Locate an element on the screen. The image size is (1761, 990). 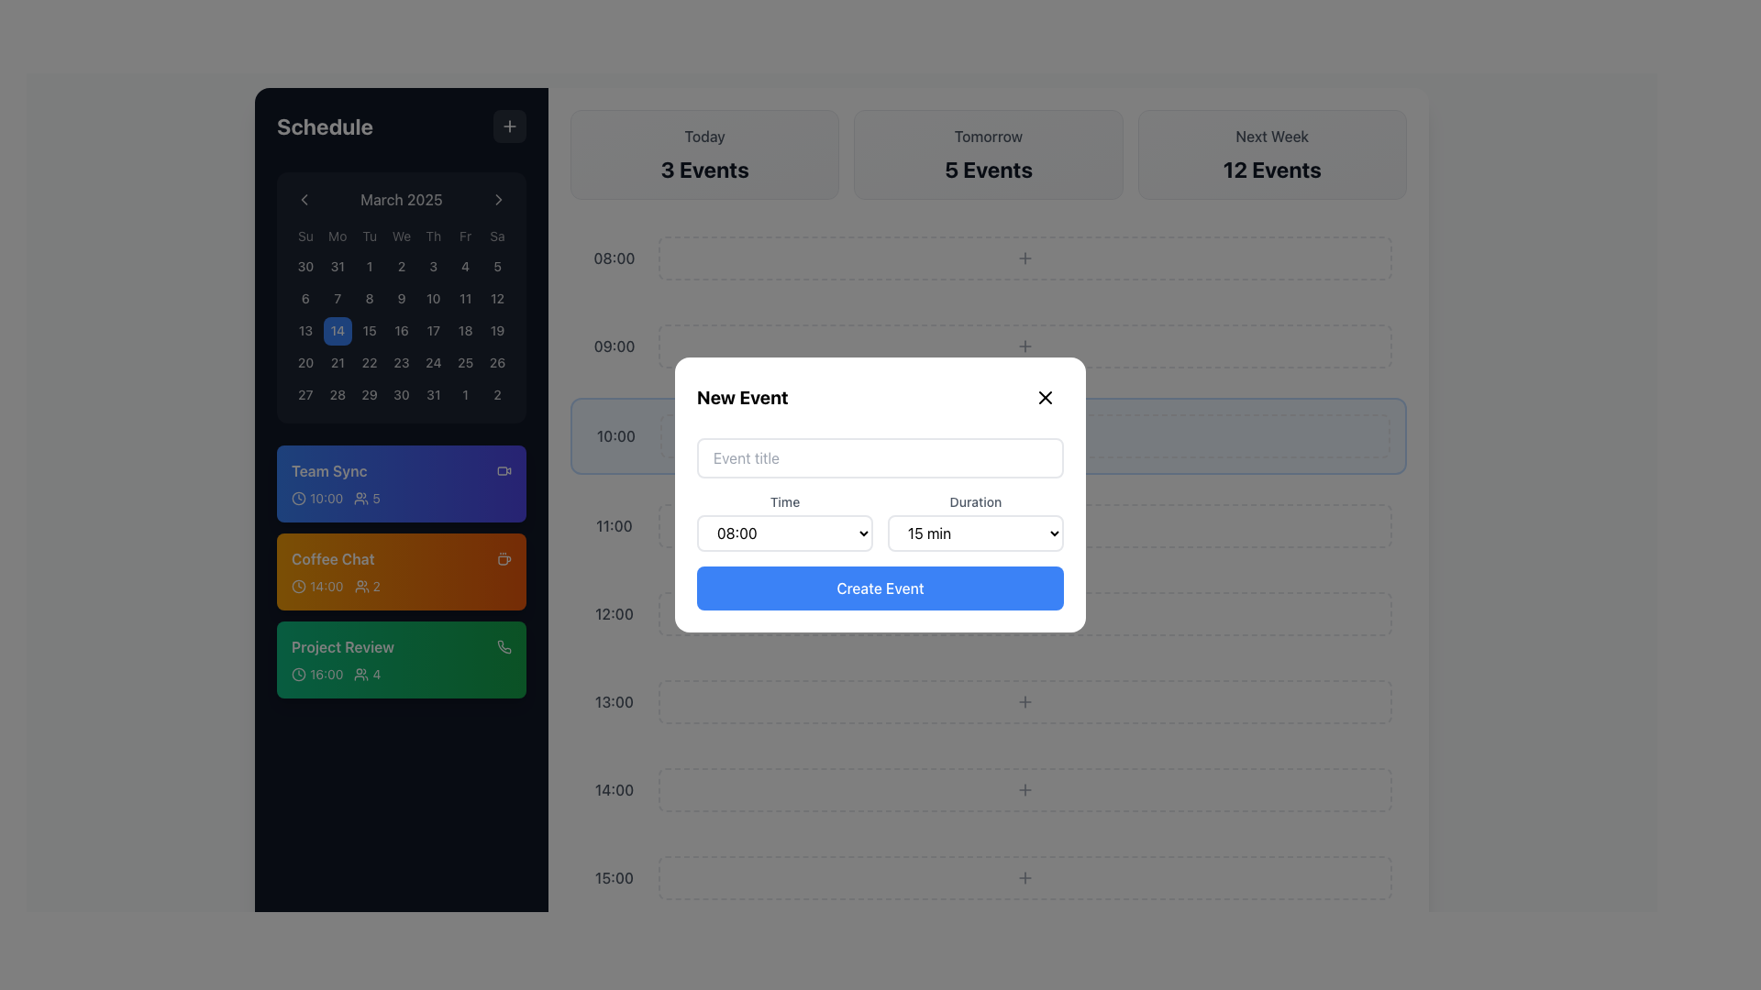
the Calendar Date Button representing the date '1' in the first row and third column of the calendar grid is located at coordinates (369, 267).